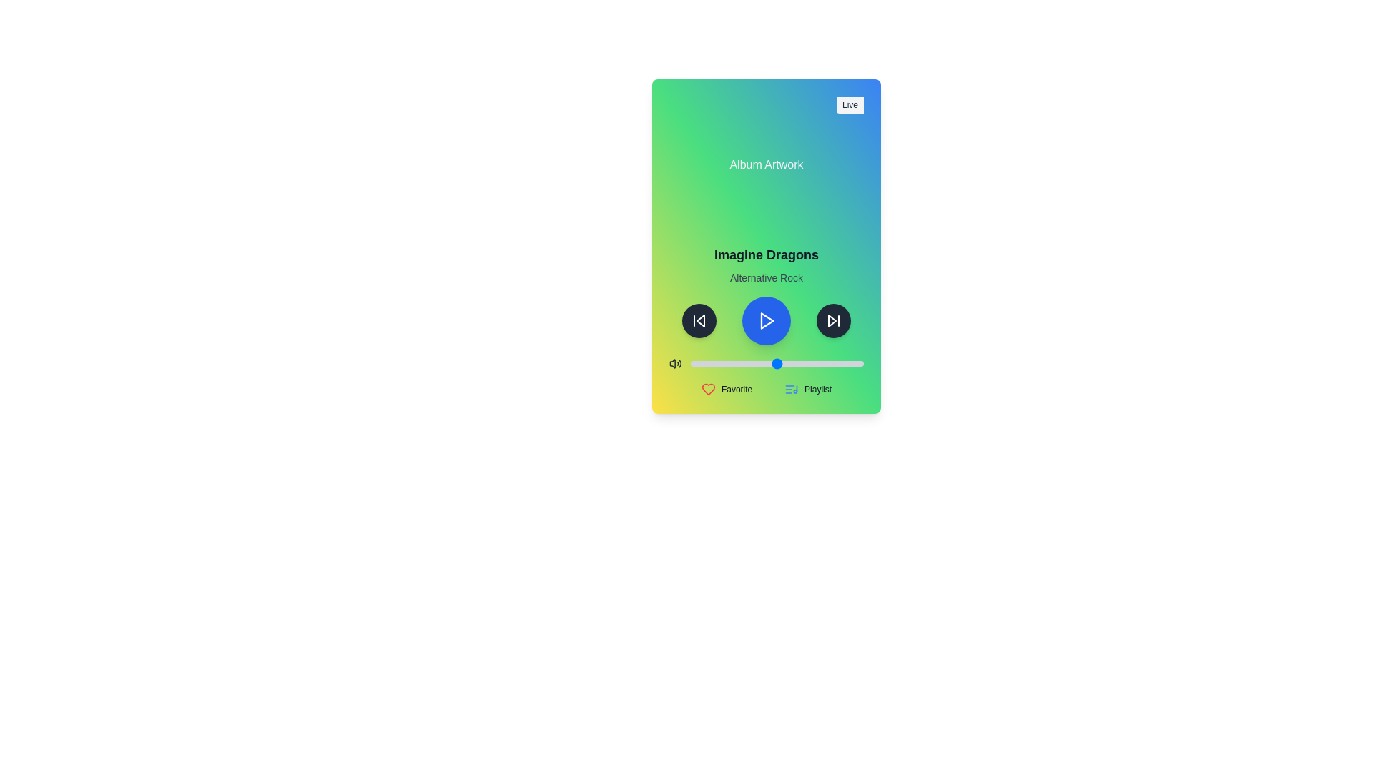  I want to click on the circular button that serves as the icon for skipping to the previous track in the media player interface, located to the left of the blue circular play button, so click(700, 320).